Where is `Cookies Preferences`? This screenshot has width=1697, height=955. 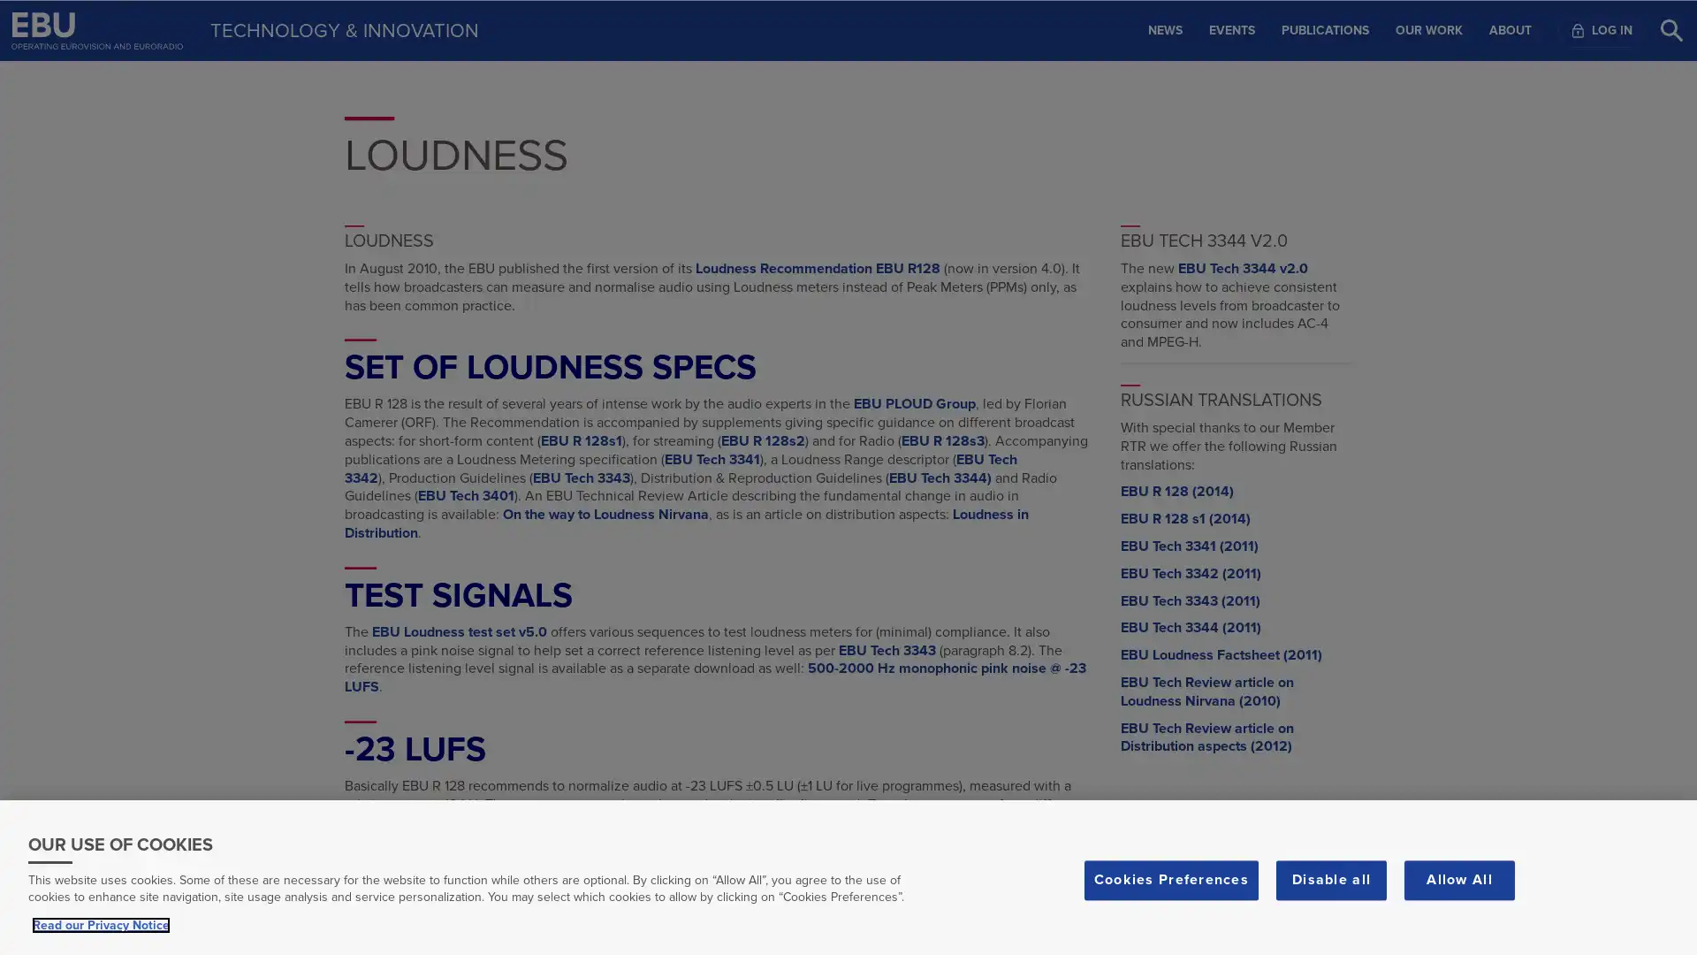 Cookies Preferences is located at coordinates (1170, 880).